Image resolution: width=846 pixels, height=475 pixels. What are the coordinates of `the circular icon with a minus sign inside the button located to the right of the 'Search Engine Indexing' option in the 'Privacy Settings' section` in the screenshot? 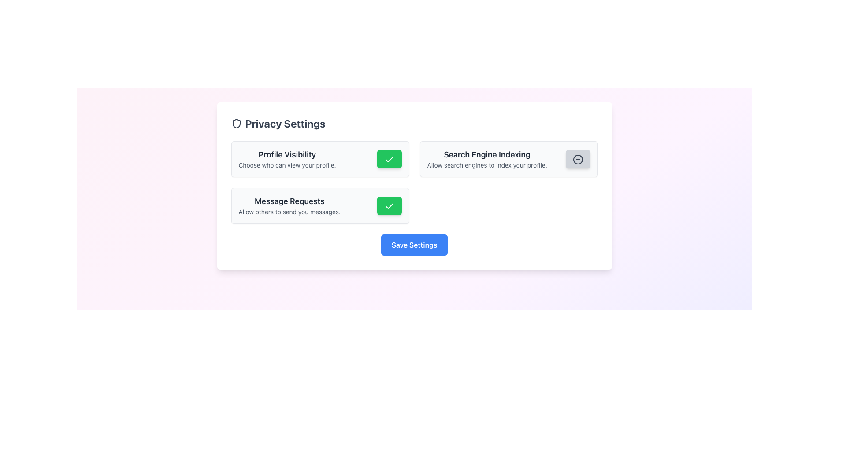 It's located at (578, 159).